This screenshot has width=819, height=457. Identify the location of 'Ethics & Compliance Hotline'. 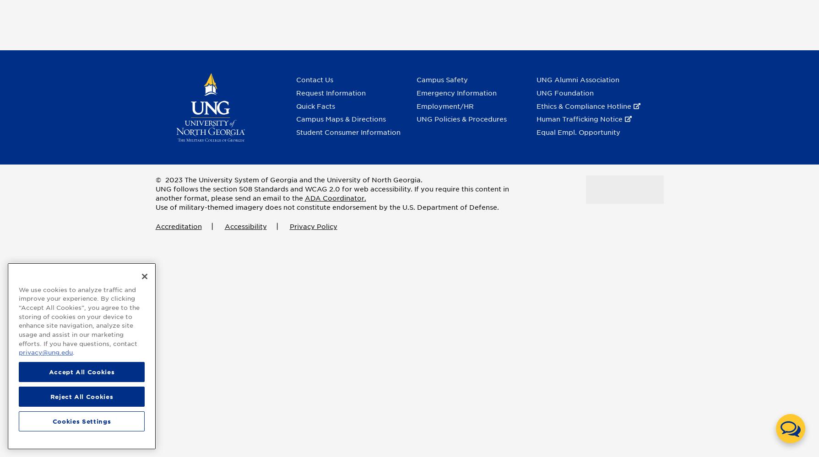
(584, 106).